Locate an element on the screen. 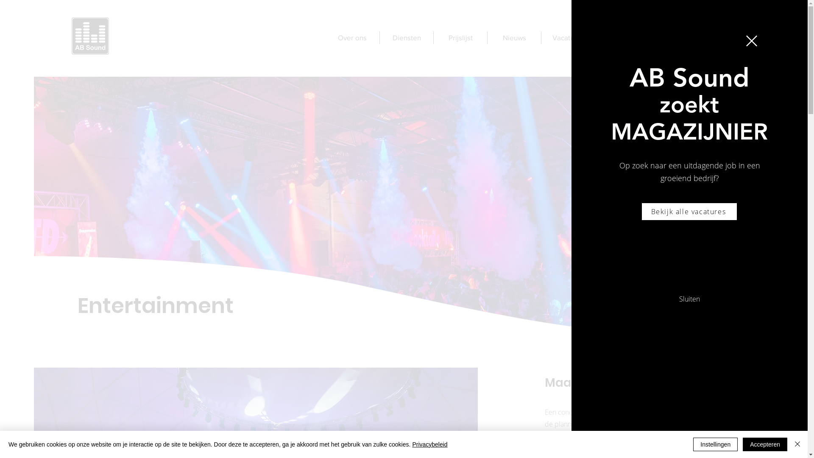 This screenshot has height=458, width=814. 'Vacatures' is located at coordinates (568, 37).